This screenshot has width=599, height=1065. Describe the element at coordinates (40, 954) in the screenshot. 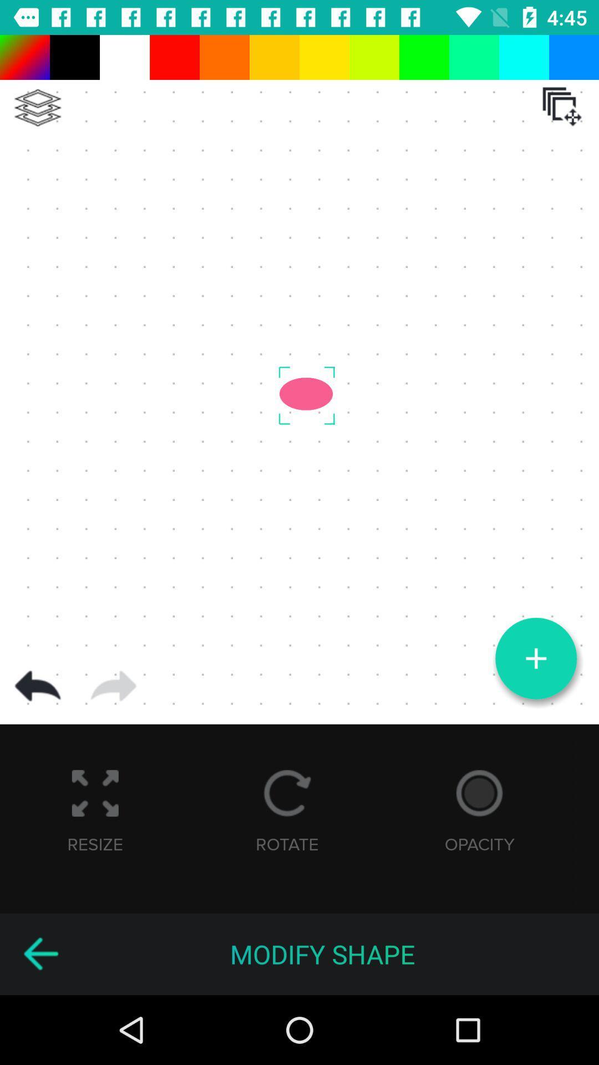

I see `the arrow_backward icon` at that location.